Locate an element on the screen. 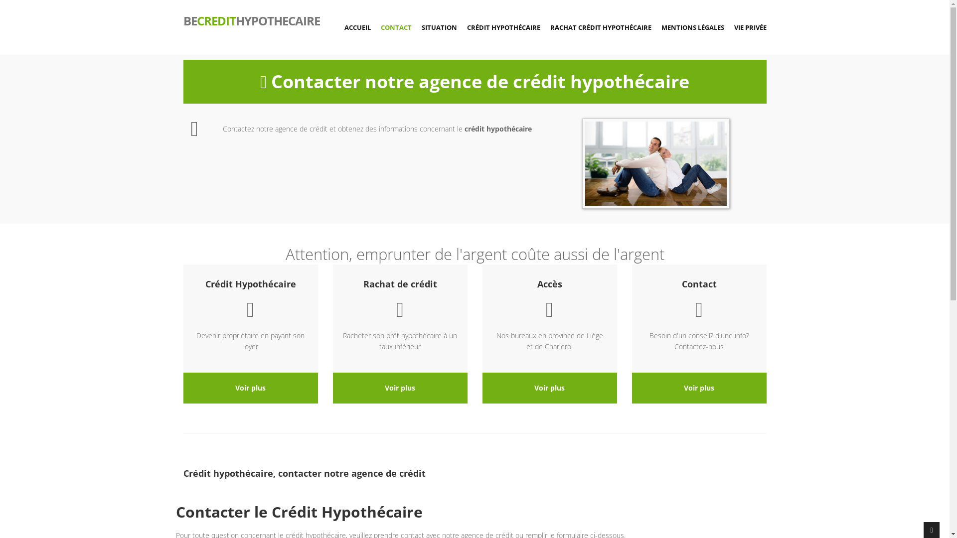  'SITUATION' is located at coordinates (439, 26).